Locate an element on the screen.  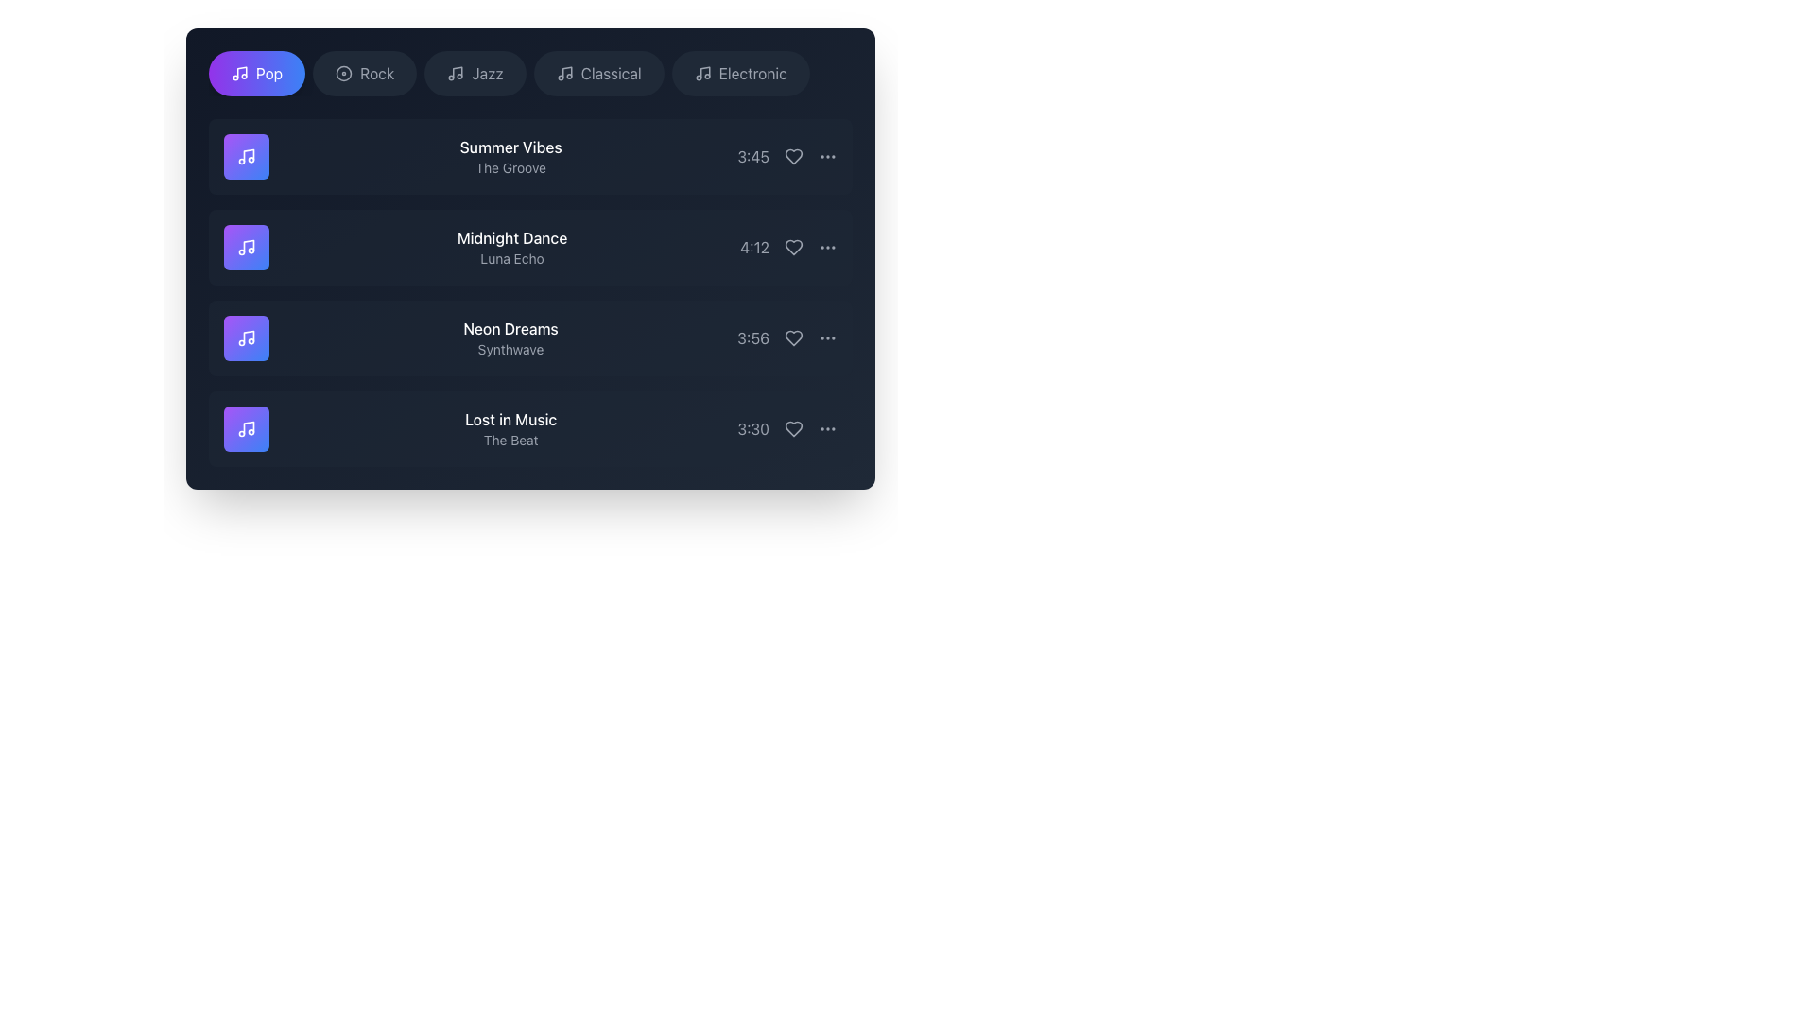
the musical note stem icon within the circular 'Pop' button located at the top left corner of the music interface is located at coordinates (241, 71).